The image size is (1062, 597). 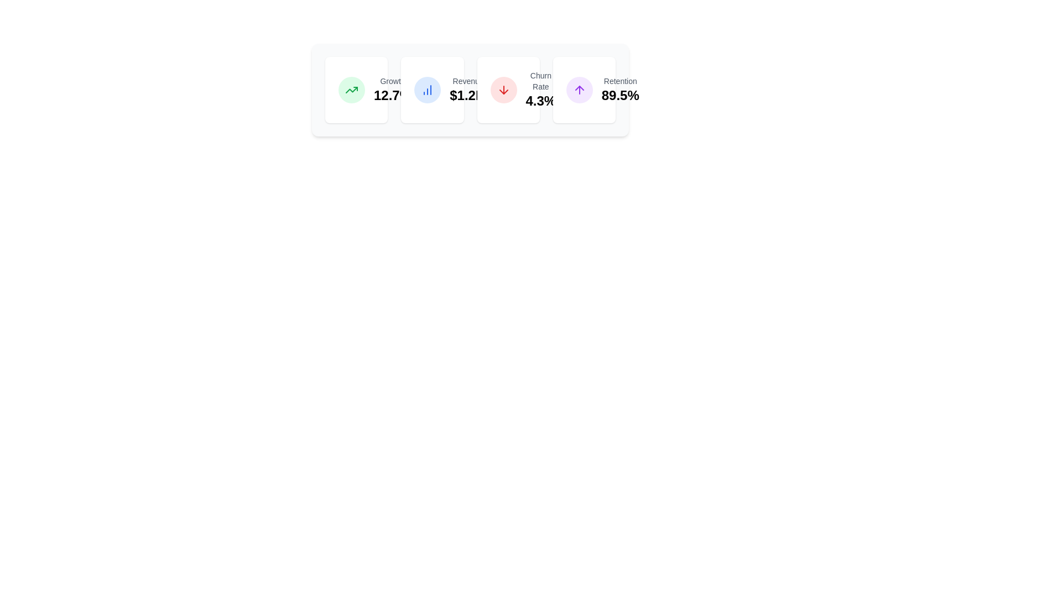 What do you see at coordinates (503, 89) in the screenshot?
I see `the negative movement indicator icon located in the Churn Rate card, which is the third card in a horizontal layout of metrics` at bounding box center [503, 89].